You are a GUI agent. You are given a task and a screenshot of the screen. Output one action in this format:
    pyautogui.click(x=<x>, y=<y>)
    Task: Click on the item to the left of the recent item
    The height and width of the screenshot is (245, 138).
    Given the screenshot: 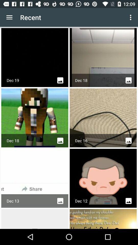 What is the action you would take?
    pyautogui.click(x=9, y=17)
    